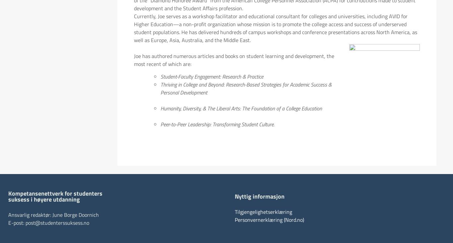 This screenshot has width=453, height=243. Describe the element at coordinates (44, 199) in the screenshot. I see `'suksess i høyere utdanning'` at that location.